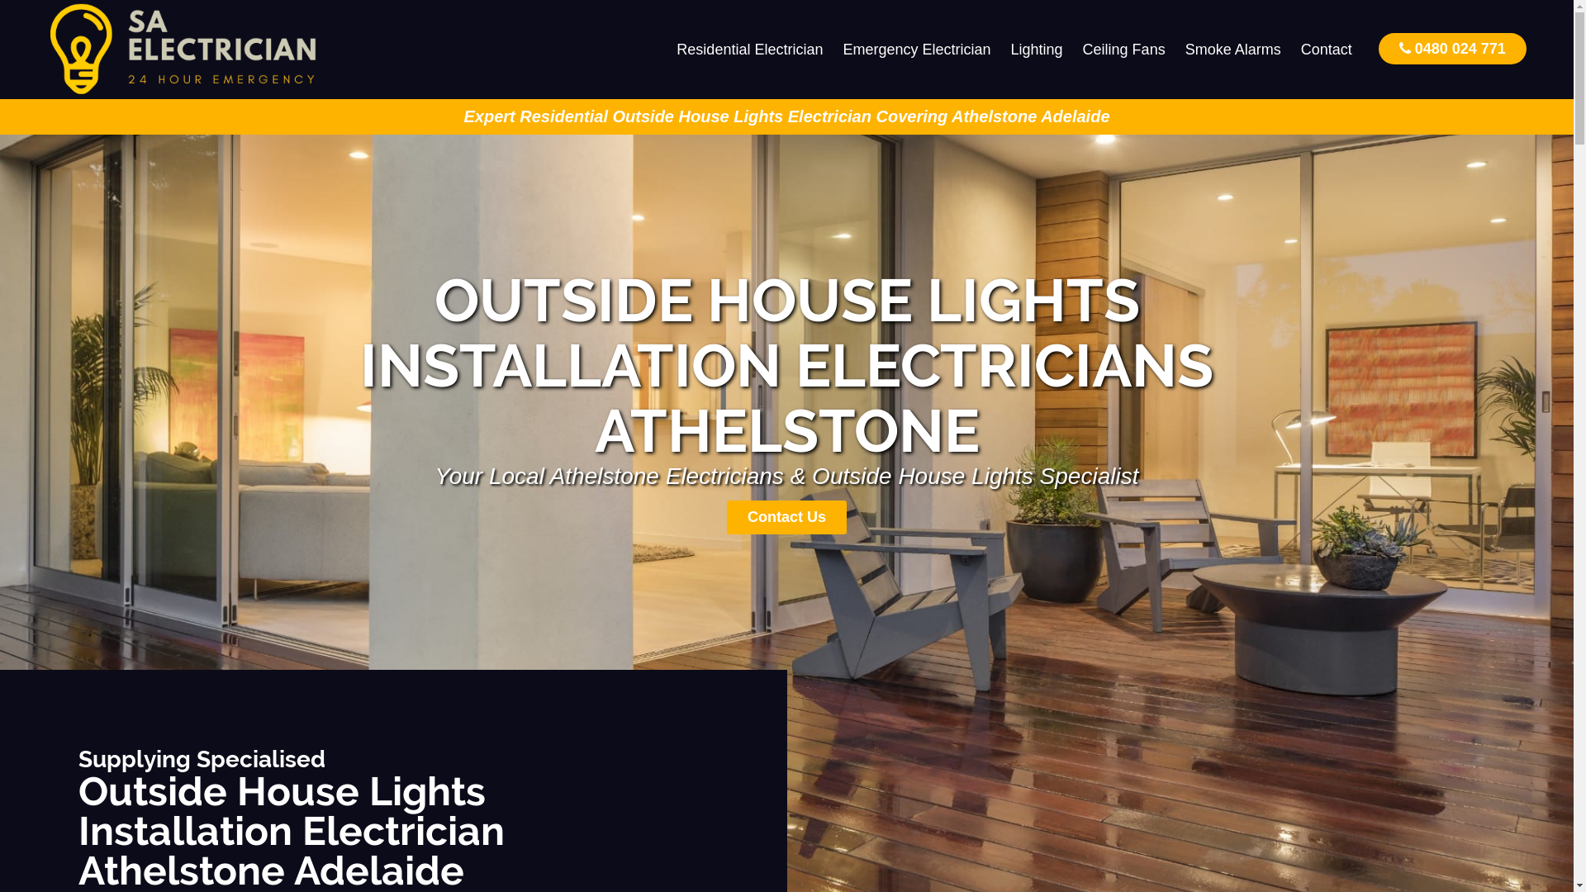 The image size is (1586, 892). Describe the element at coordinates (1327, 49) in the screenshot. I see `'Contact'` at that location.